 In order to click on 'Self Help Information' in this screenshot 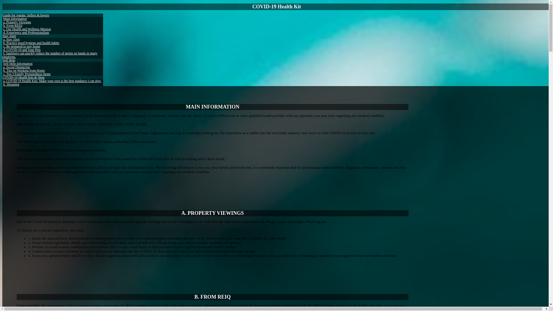, I will do `click(3, 63)`.